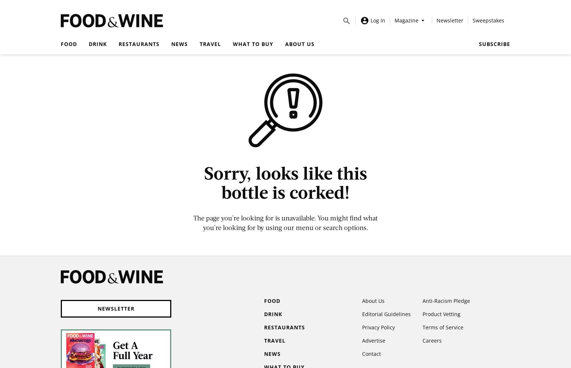 This screenshot has width=571, height=368. Describe the element at coordinates (285, 182) in the screenshot. I see `'Sorry, looks like this bottle is corked!'` at that location.